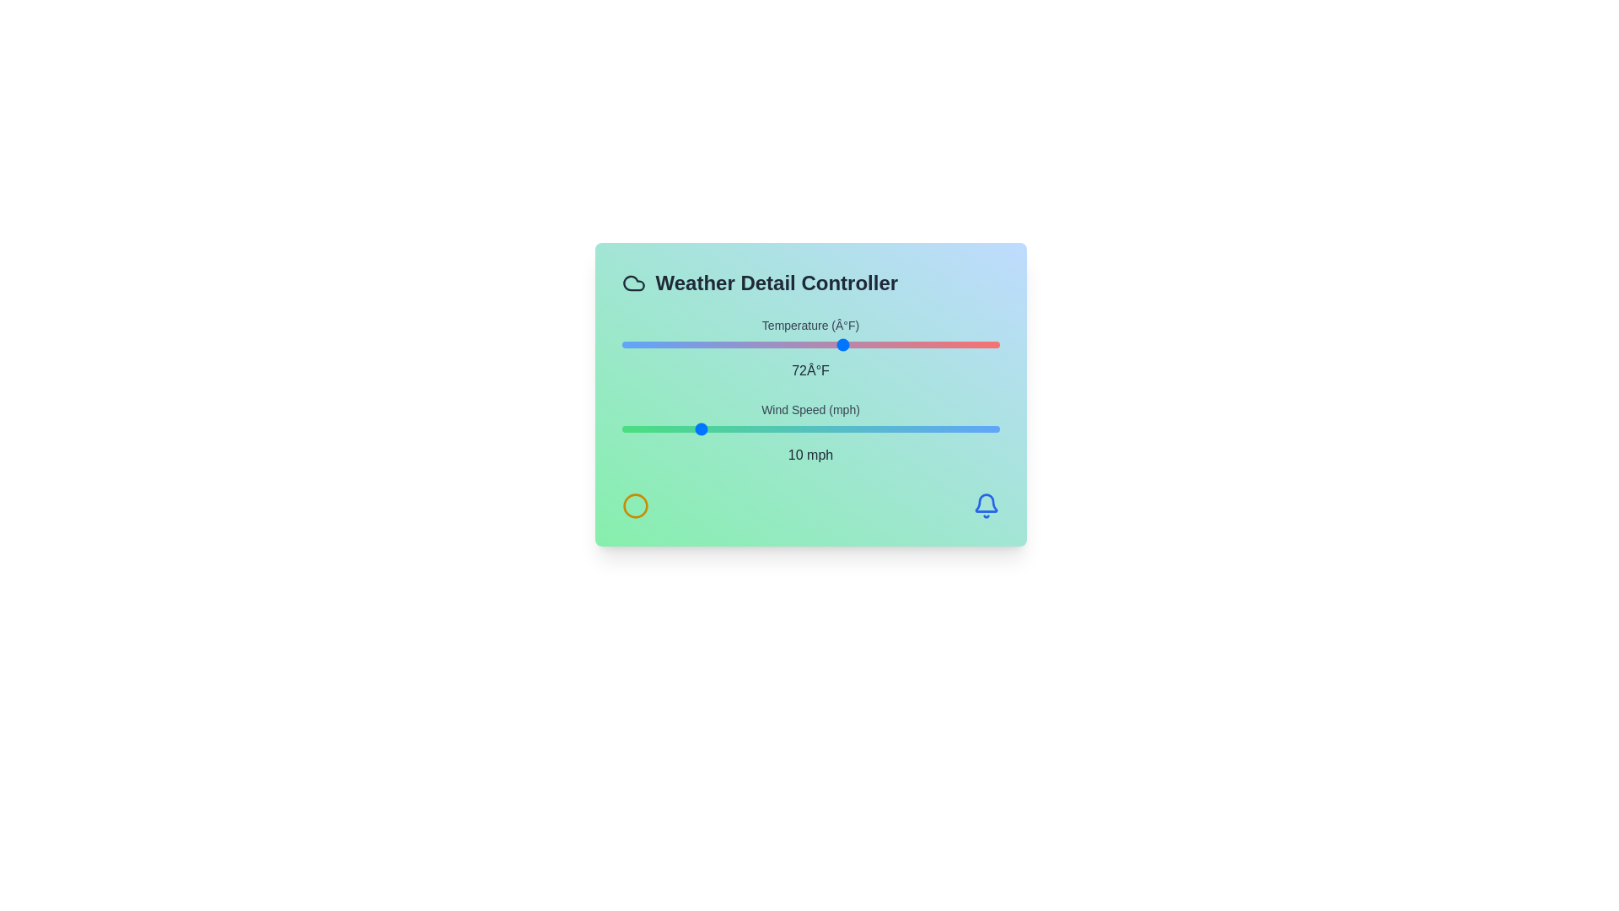 This screenshot has width=1619, height=911. I want to click on the circle icon, so click(634, 505).